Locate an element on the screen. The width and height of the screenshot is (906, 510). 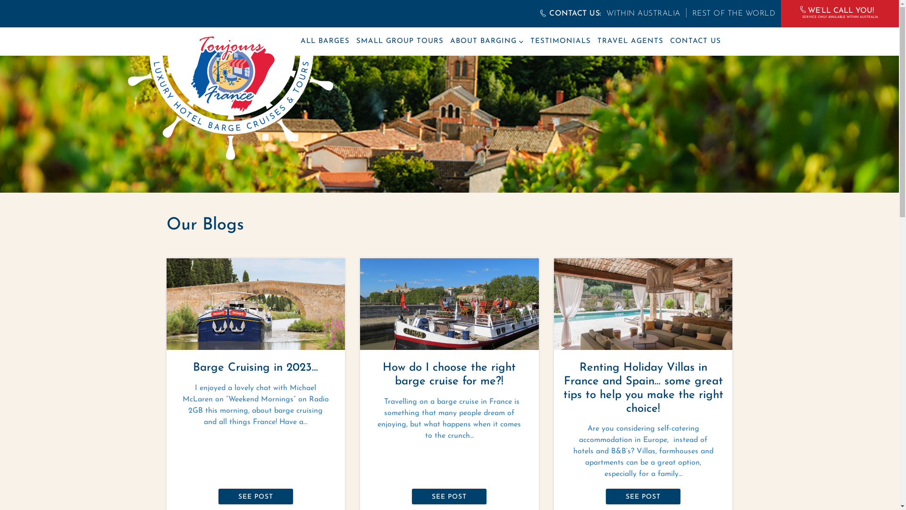
'TRAVEL AGENTS' is located at coordinates (597, 41).